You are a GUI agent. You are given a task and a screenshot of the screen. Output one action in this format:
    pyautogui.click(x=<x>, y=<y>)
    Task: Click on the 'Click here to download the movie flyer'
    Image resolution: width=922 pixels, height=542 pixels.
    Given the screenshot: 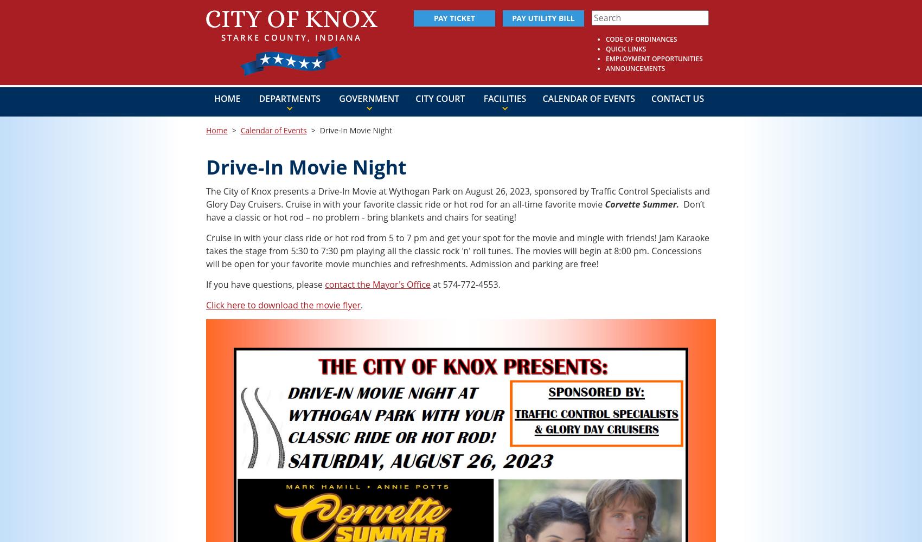 What is the action you would take?
    pyautogui.click(x=283, y=305)
    